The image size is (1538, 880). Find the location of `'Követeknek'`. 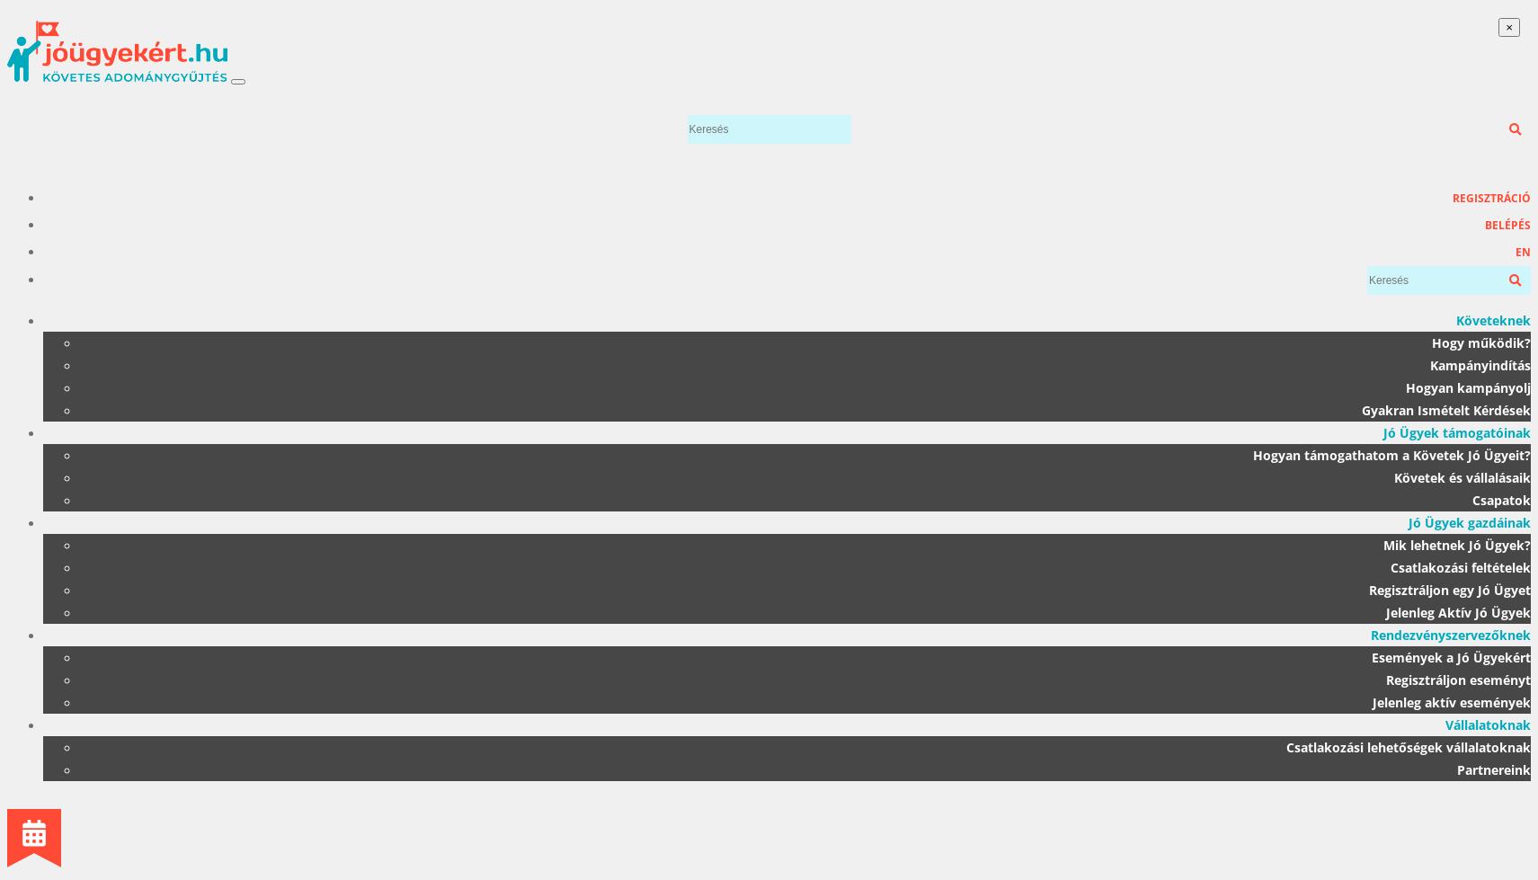

'Követeknek' is located at coordinates (1493, 320).